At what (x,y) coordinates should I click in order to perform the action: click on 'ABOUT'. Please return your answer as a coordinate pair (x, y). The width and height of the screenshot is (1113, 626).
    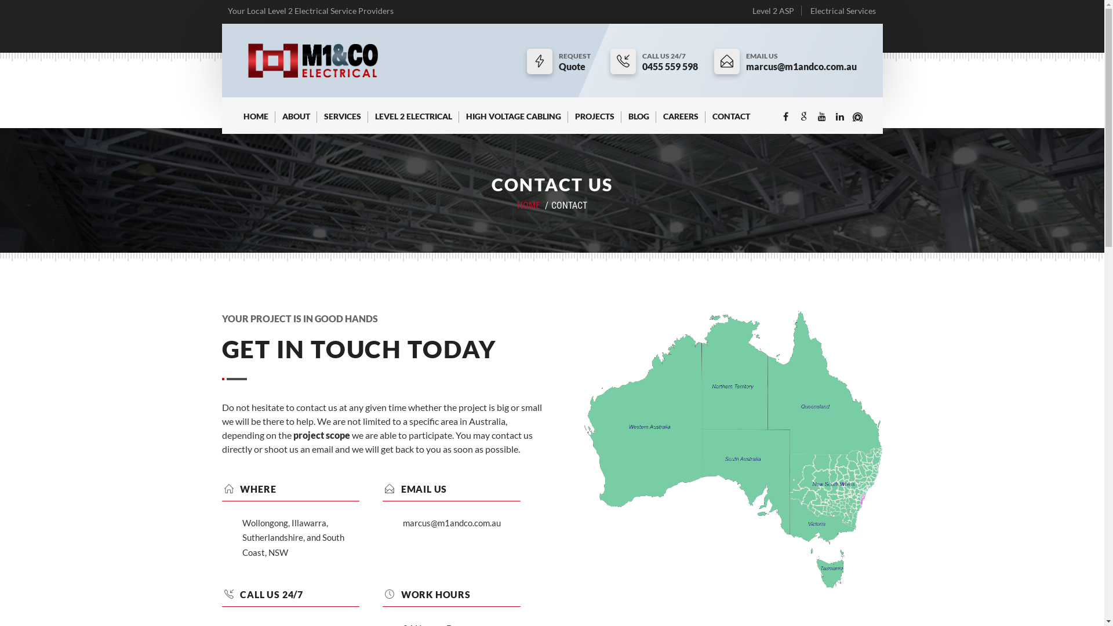
    Looking at the image, I should click on (274, 121).